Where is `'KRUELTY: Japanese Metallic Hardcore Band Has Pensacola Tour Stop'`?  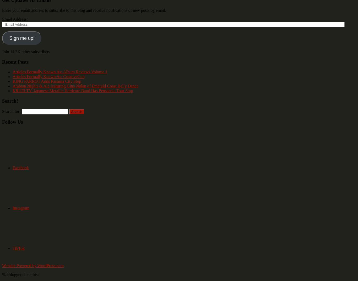
'KRUELTY: Japanese Metallic Hardcore Band Has Pensacola Tour Stop' is located at coordinates (73, 91).